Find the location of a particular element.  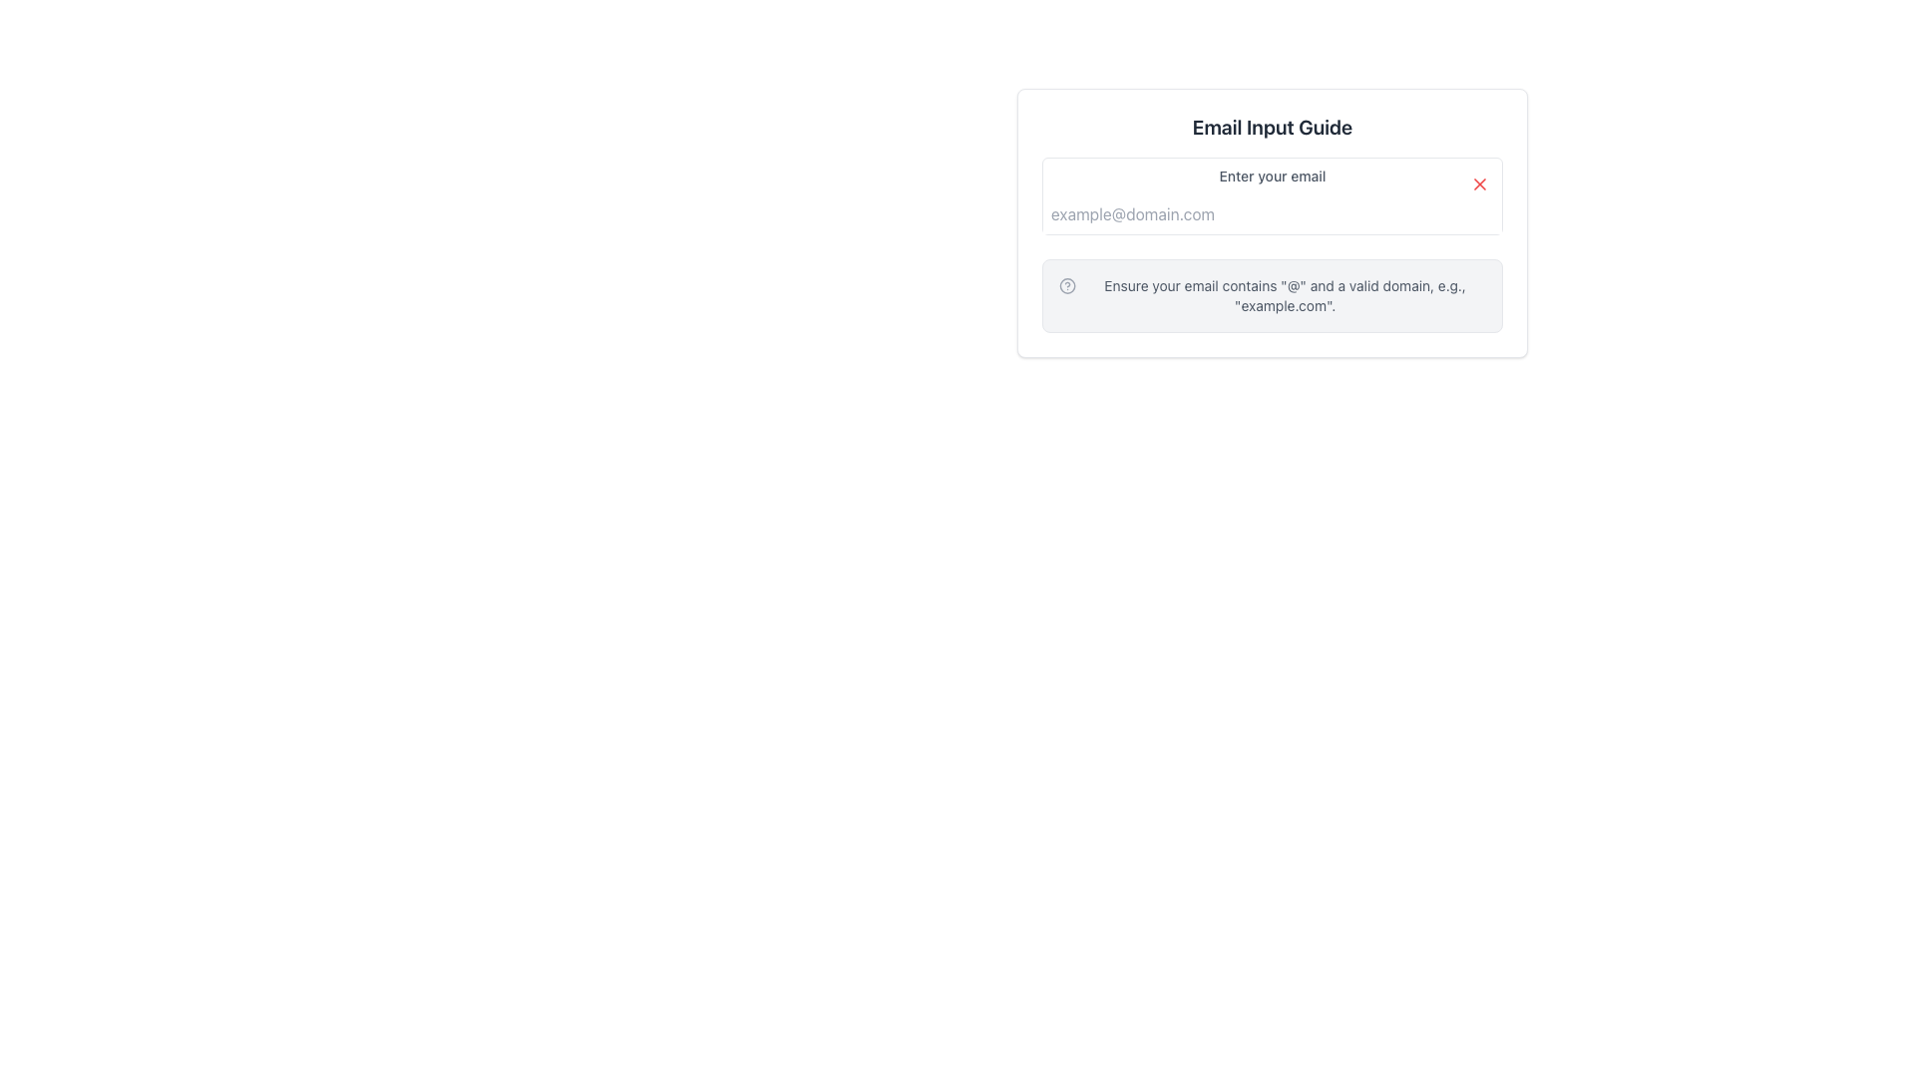

the circular help icon with a question mark design, located to the left of the email formatting guideline text block is located at coordinates (1066, 285).